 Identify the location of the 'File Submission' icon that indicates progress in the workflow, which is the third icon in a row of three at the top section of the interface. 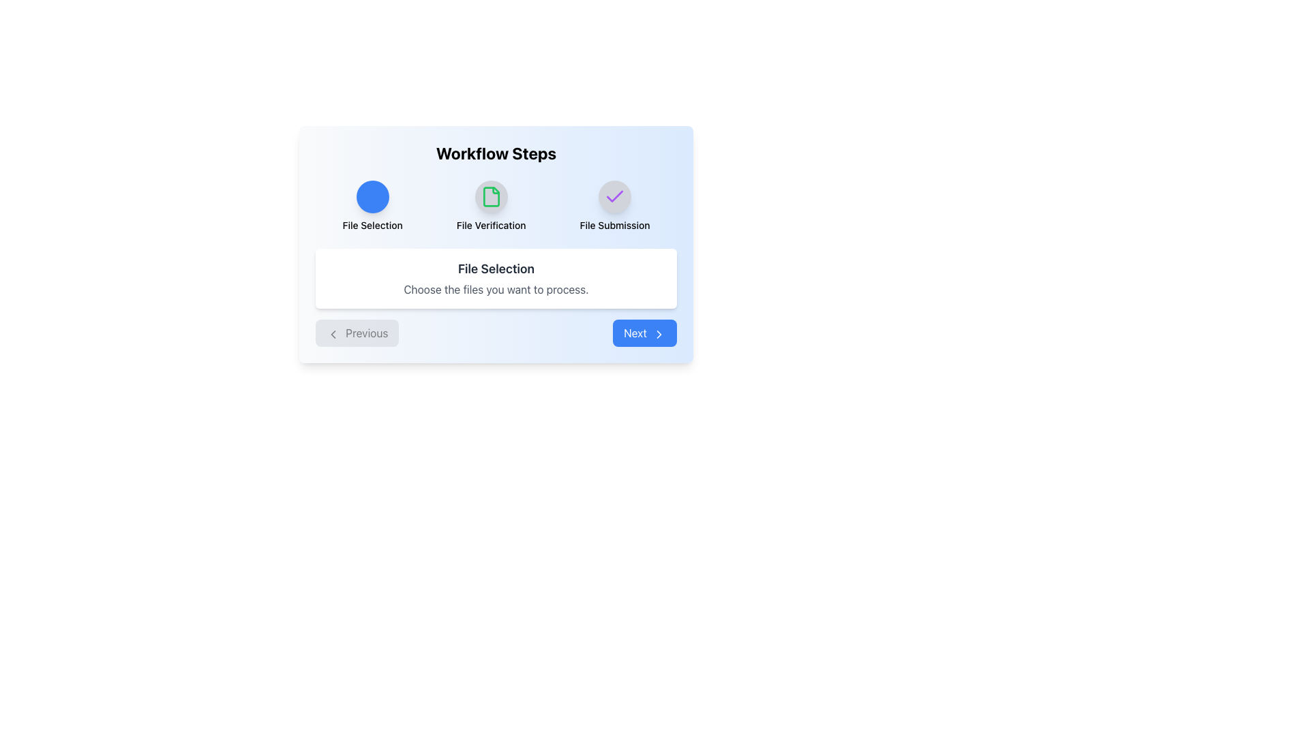
(614, 197).